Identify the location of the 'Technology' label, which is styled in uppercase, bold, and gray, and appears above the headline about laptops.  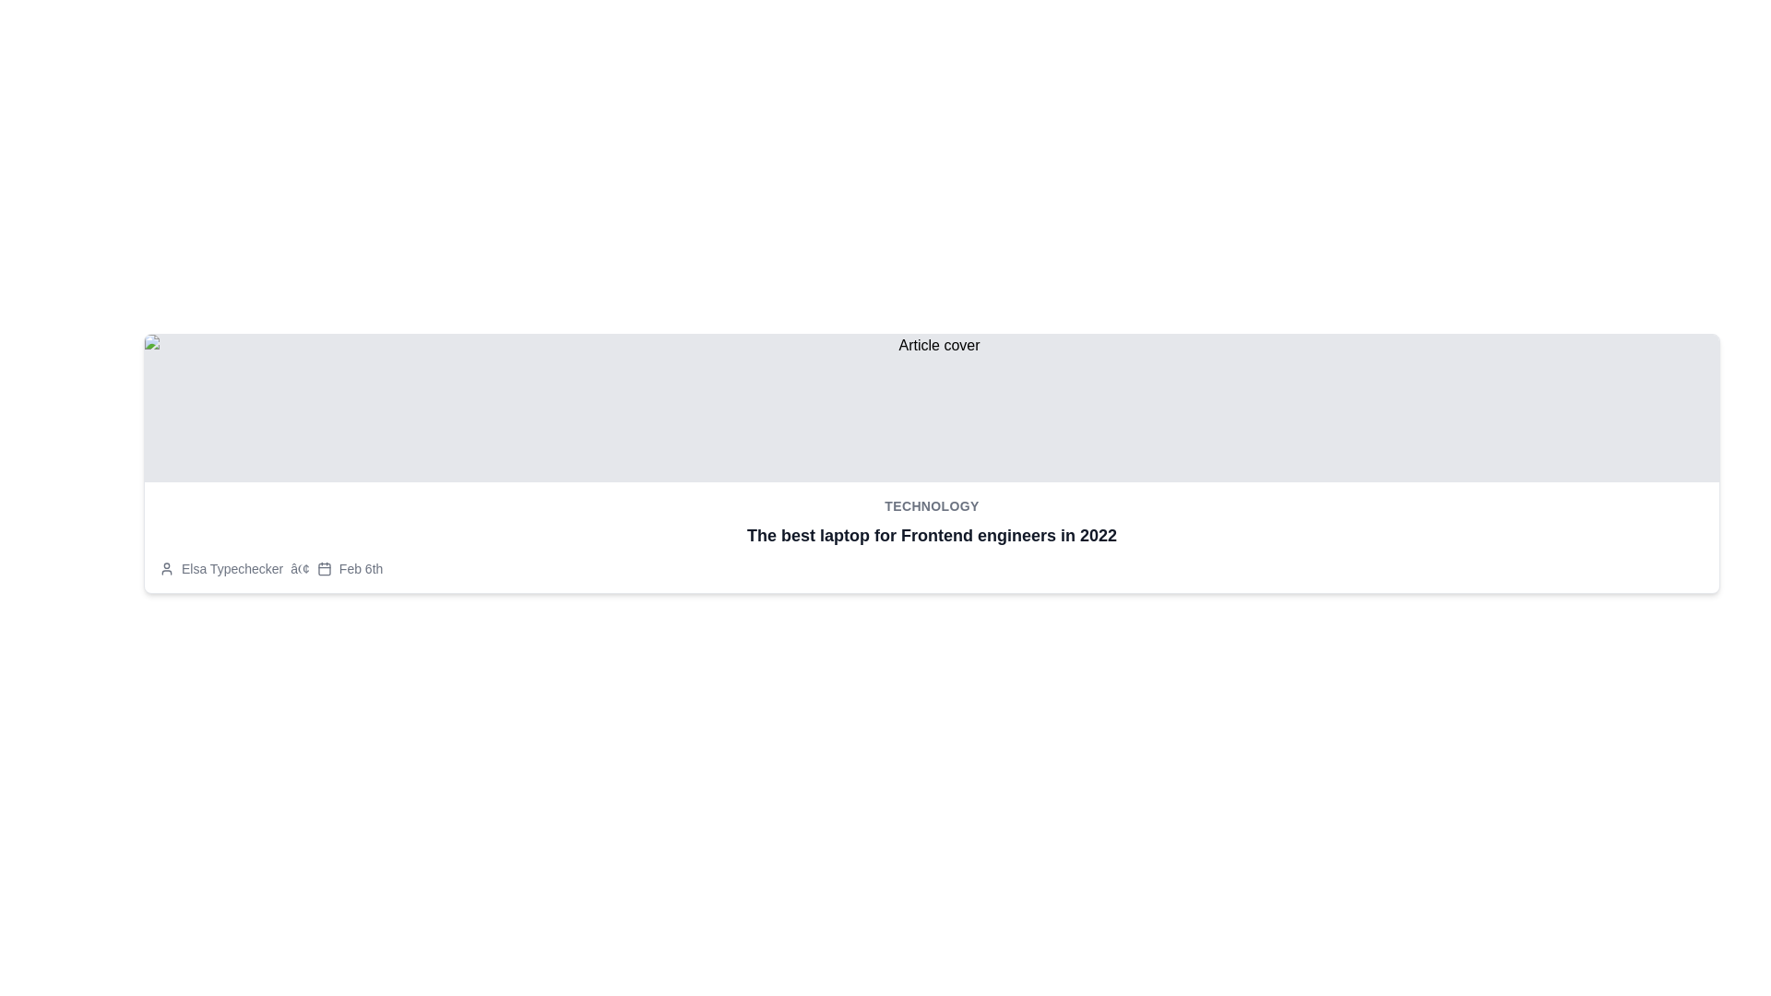
(932, 505).